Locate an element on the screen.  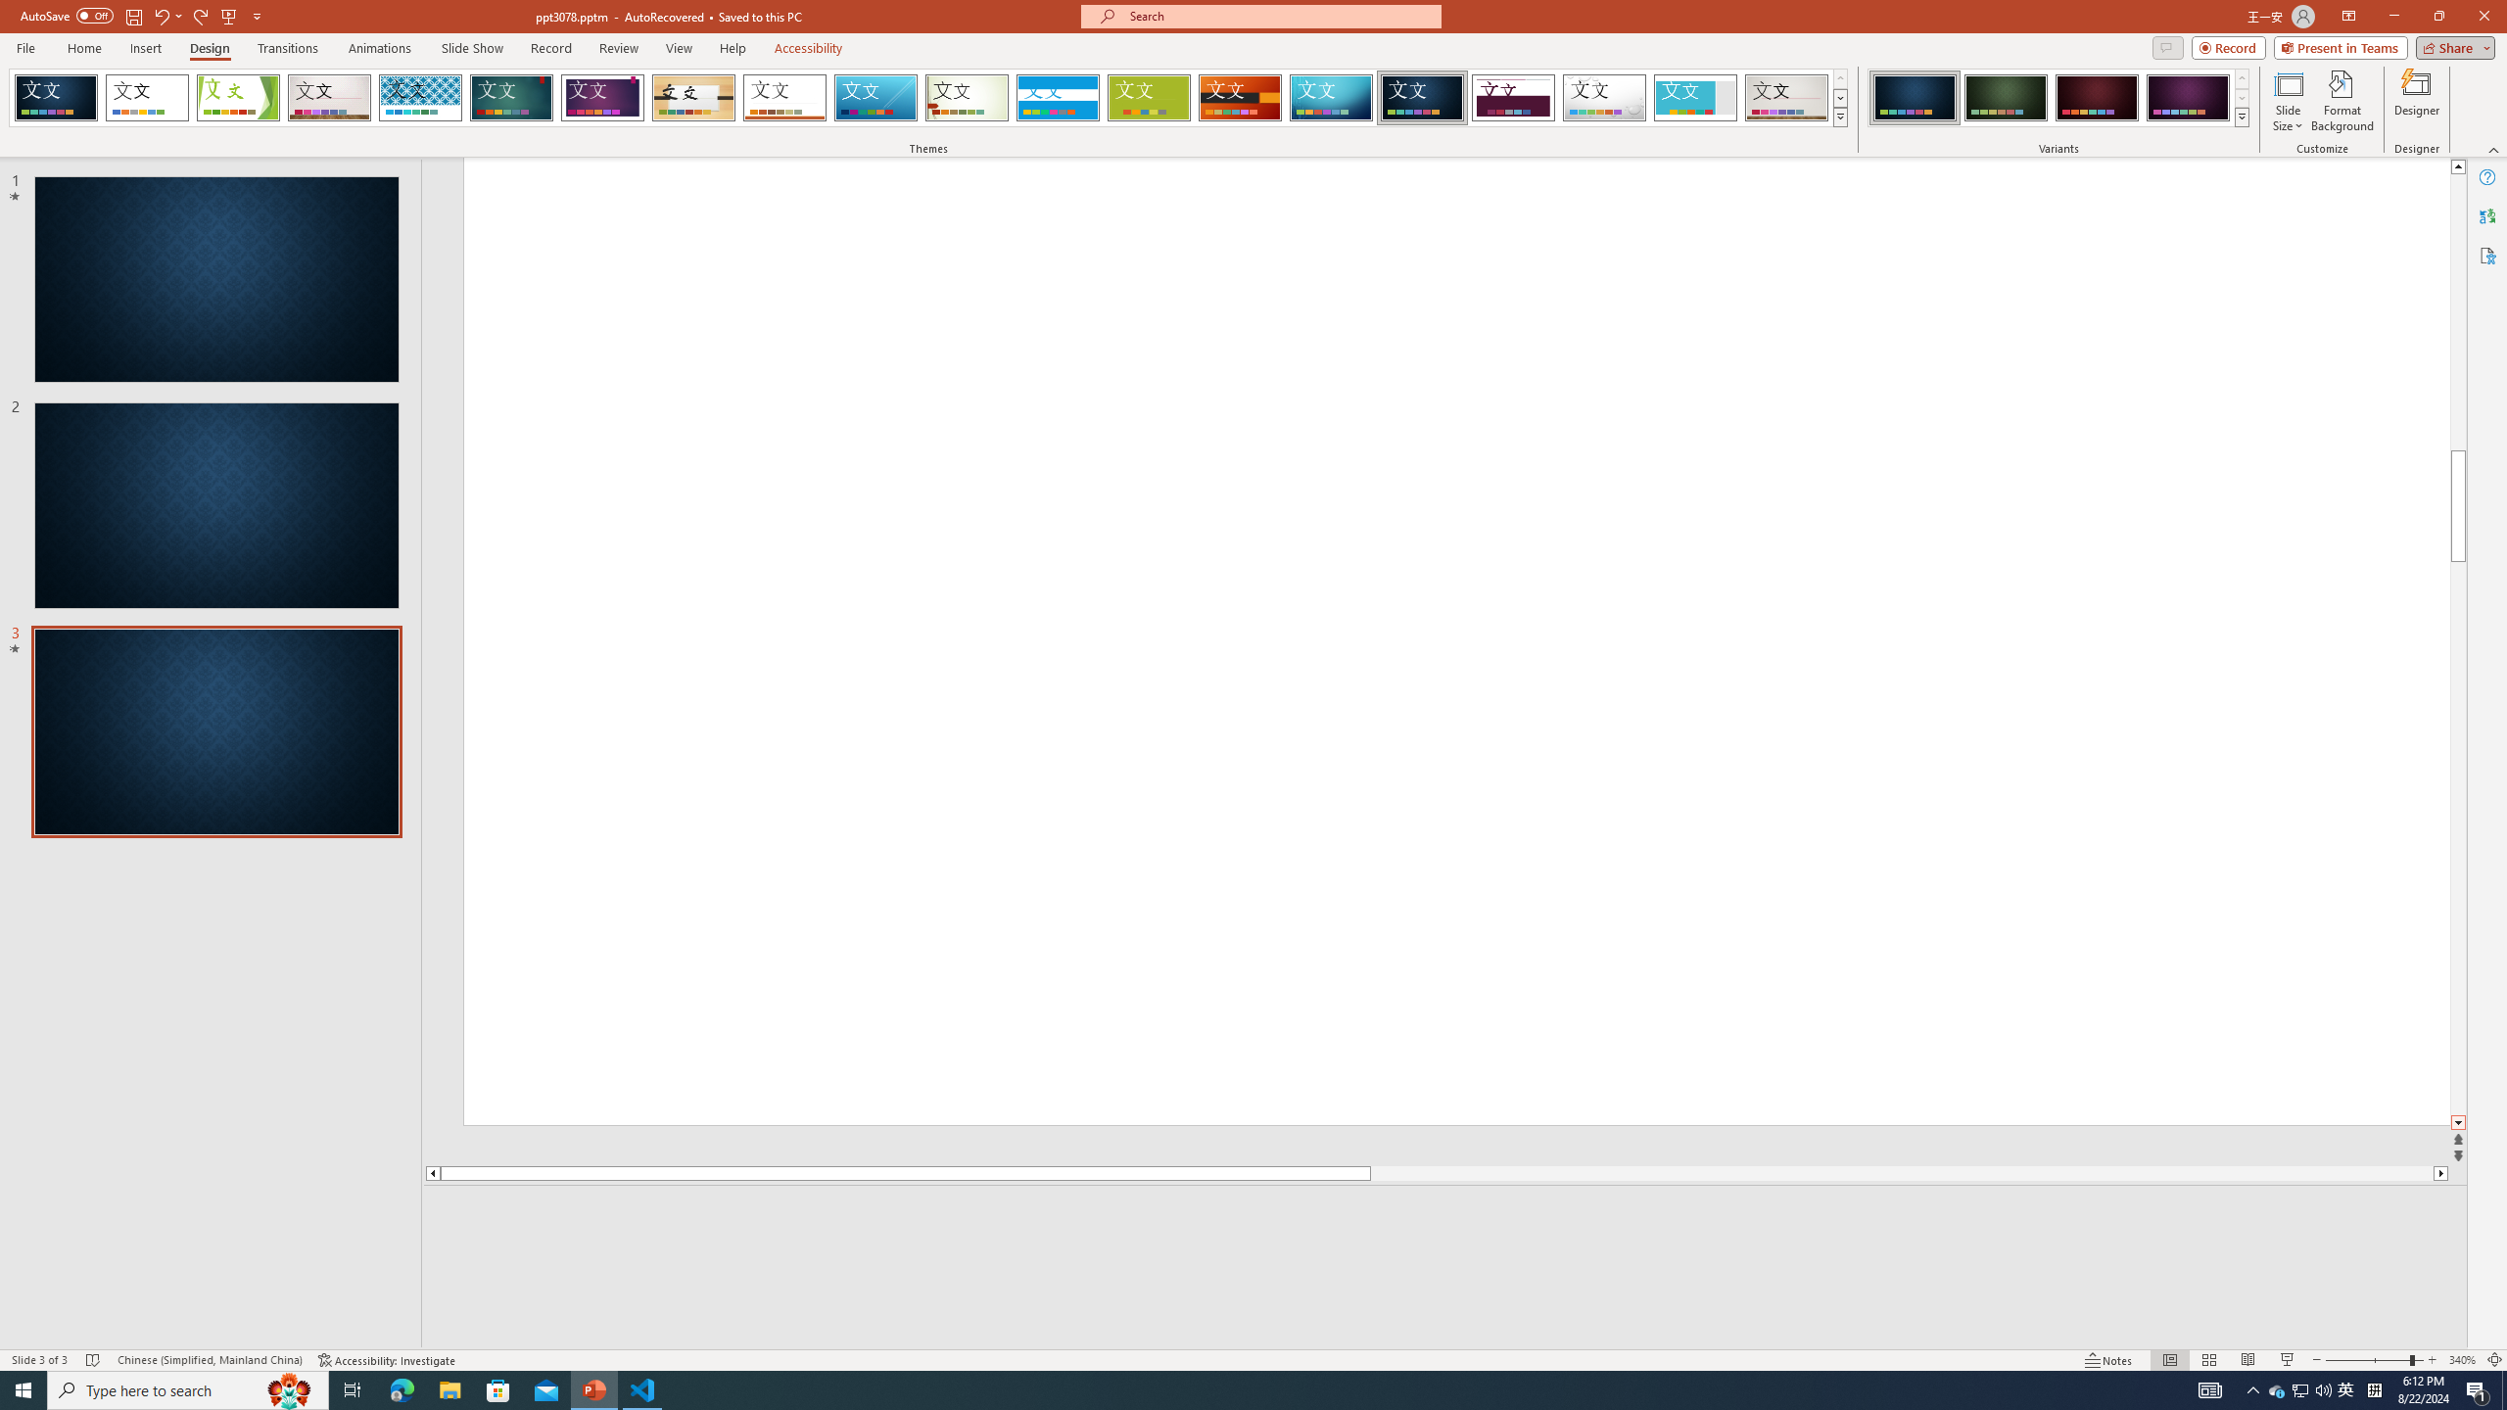
'Basis' is located at coordinates (1149, 97).